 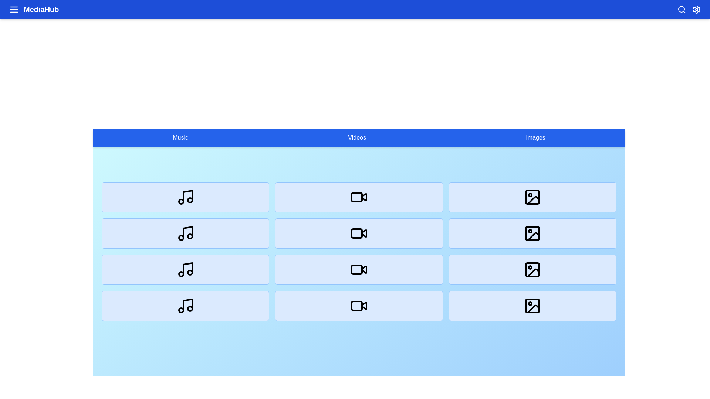 What do you see at coordinates (14, 10) in the screenshot?
I see `menu button to toggle the navigation menu` at bounding box center [14, 10].